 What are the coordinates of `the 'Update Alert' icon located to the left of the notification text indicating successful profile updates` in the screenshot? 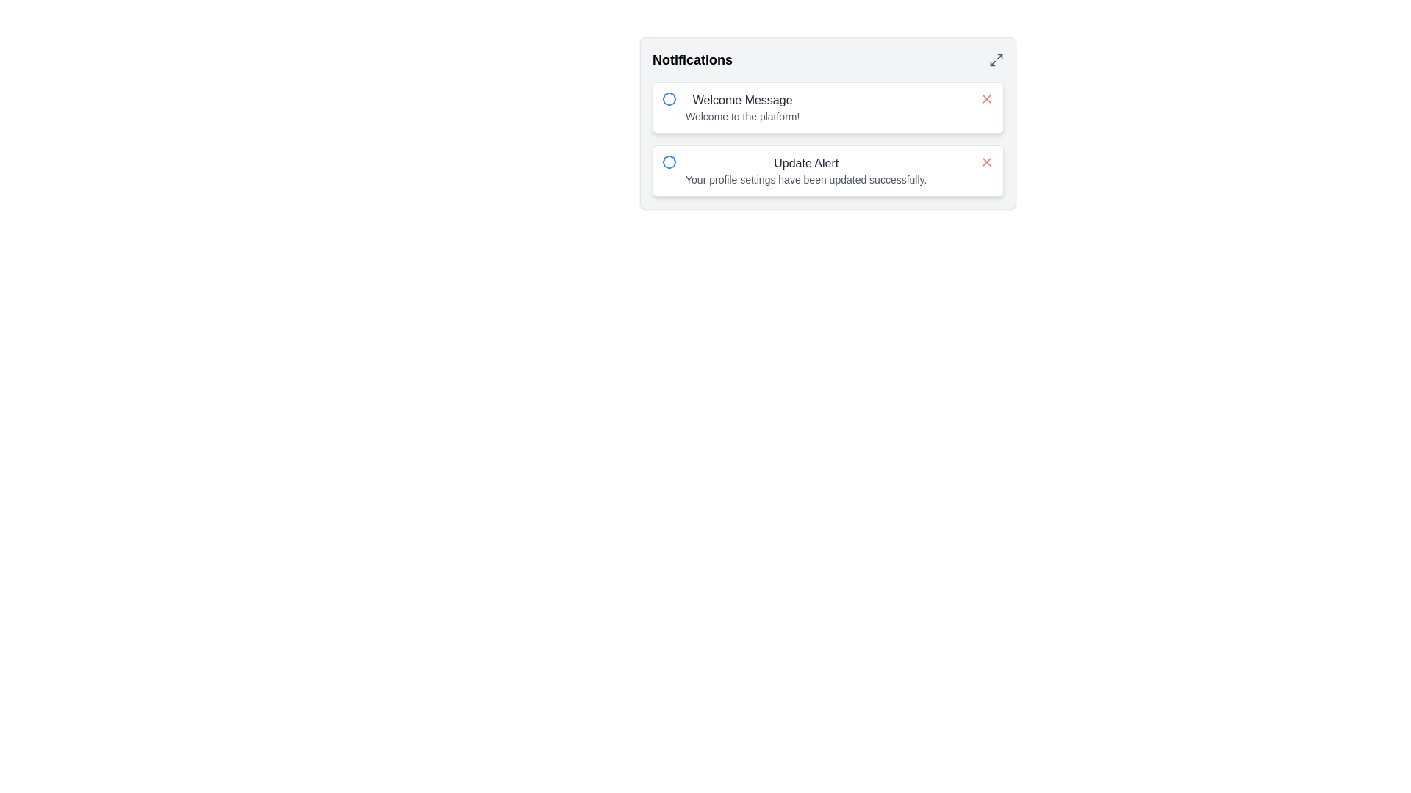 It's located at (669, 162).